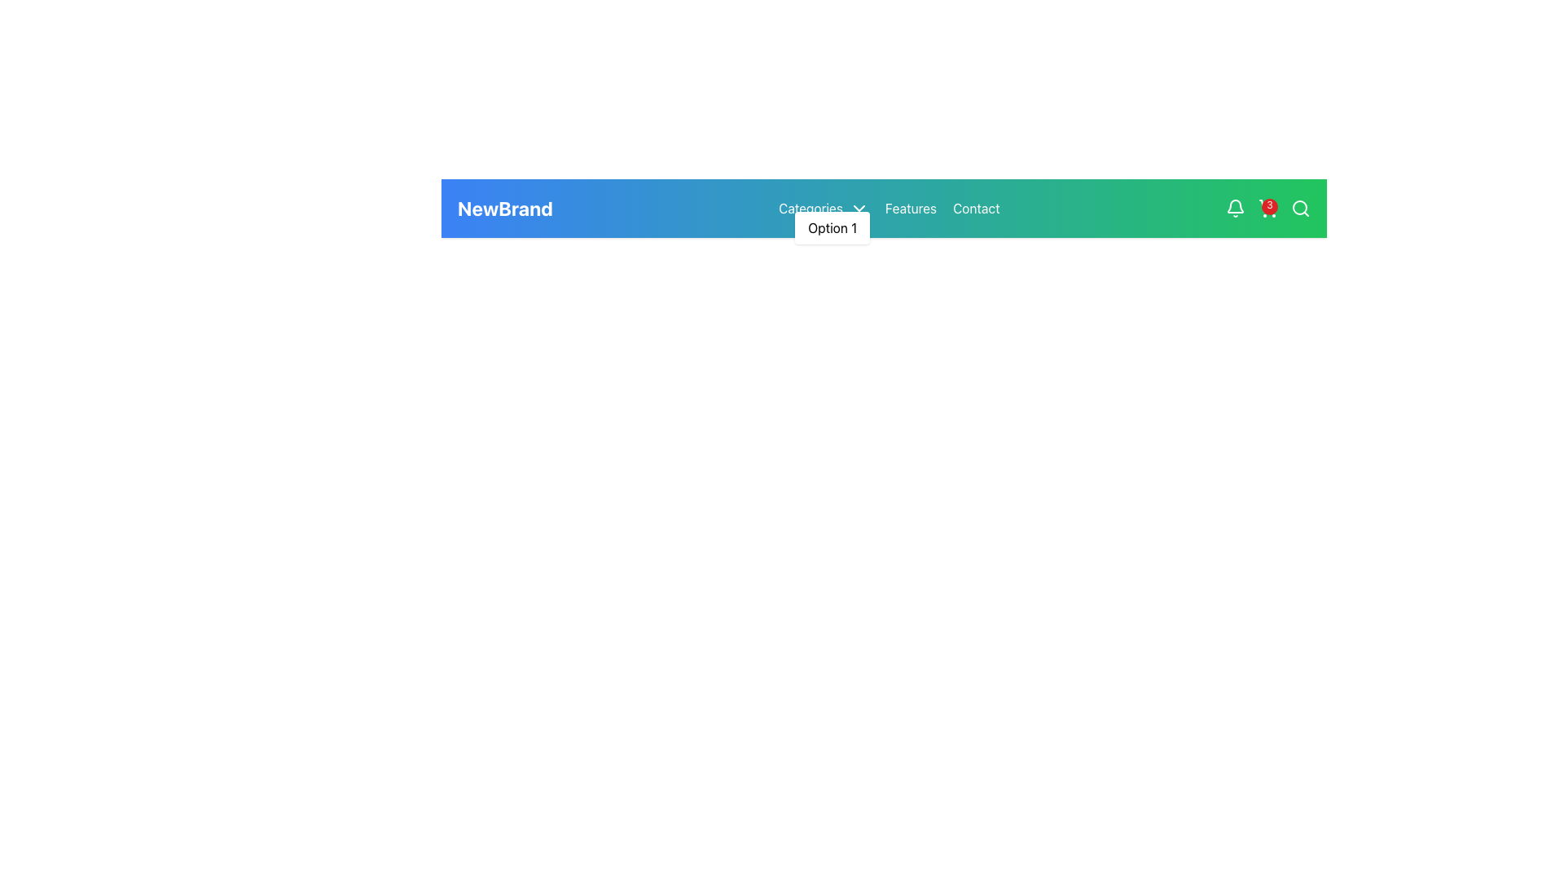 Image resolution: width=1564 pixels, height=880 pixels. What do you see at coordinates (1269, 206) in the screenshot?
I see `the Counter Badge located at the top-right edge of the shopping cart icon in the navigation bar` at bounding box center [1269, 206].